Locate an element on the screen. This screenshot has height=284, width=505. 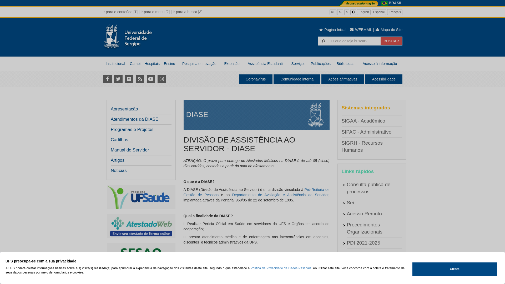
'a-' is located at coordinates (337, 12).